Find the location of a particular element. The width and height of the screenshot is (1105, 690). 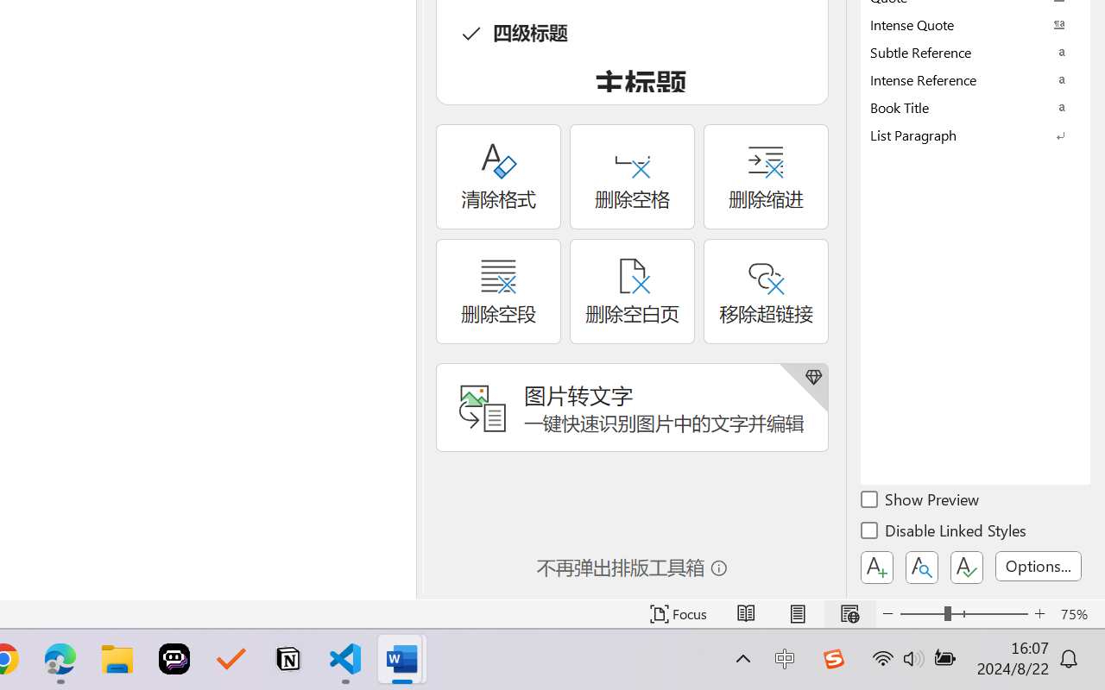

'Options...' is located at coordinates (1038, 565).